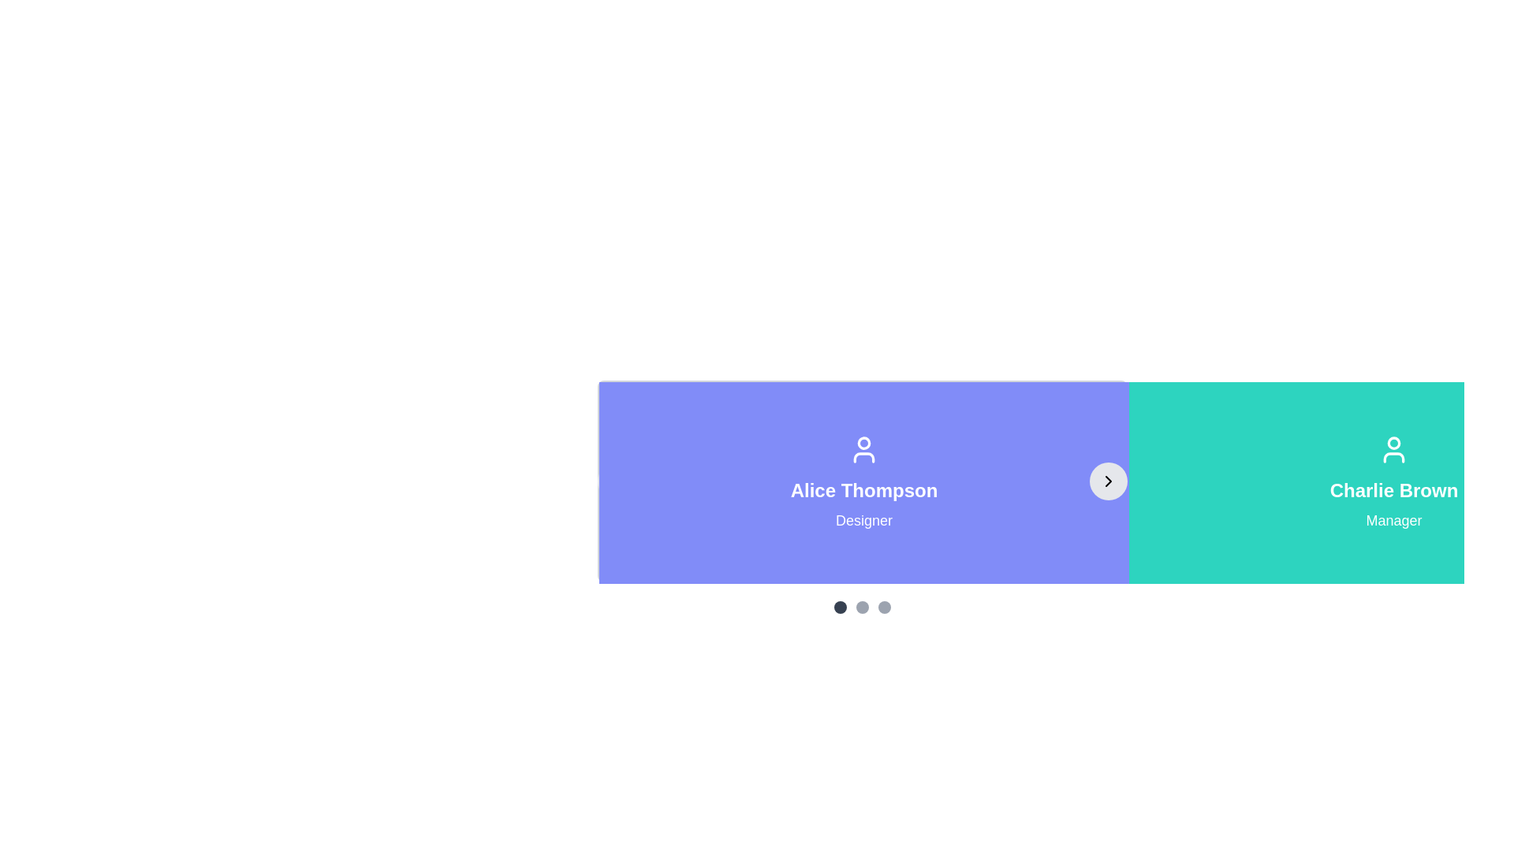 This screenshot has width=1514, height=851. Describe the element at coordinates (1393, 520) in the screenshot. I see `the styling of the text label that describes the individual's role or position, located within the card structure below the name 'Bob Smith'` at that location.